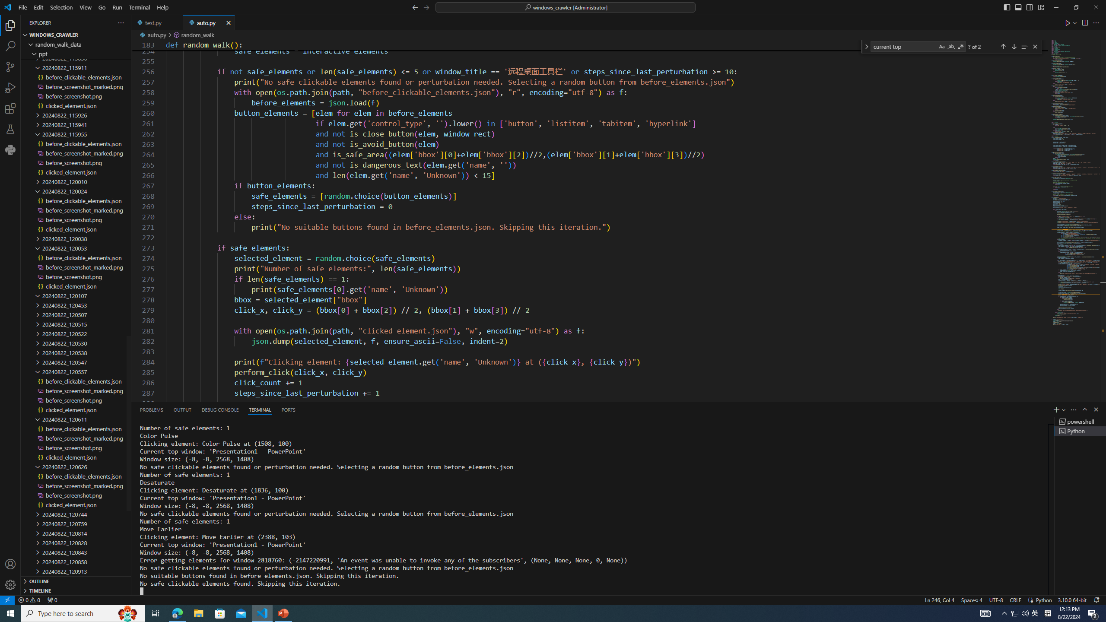 The width and height of the screenshot is (1106, 622). What do you see at coordinates (38, 7) in the screenshot?
I see `'Edit'` at bounding box center [38, 7].